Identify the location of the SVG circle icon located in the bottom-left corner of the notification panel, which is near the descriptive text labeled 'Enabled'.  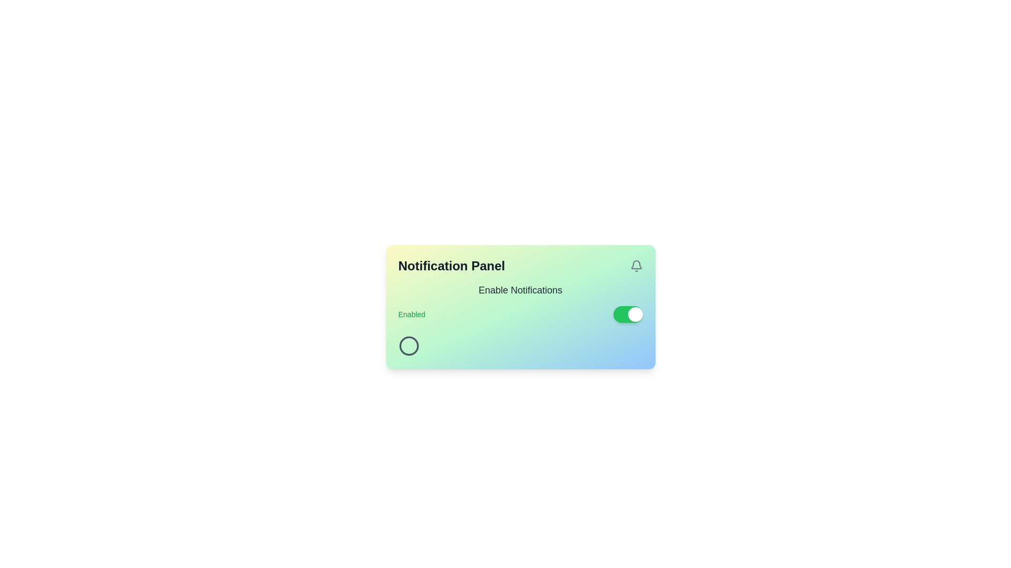
(408, 346).